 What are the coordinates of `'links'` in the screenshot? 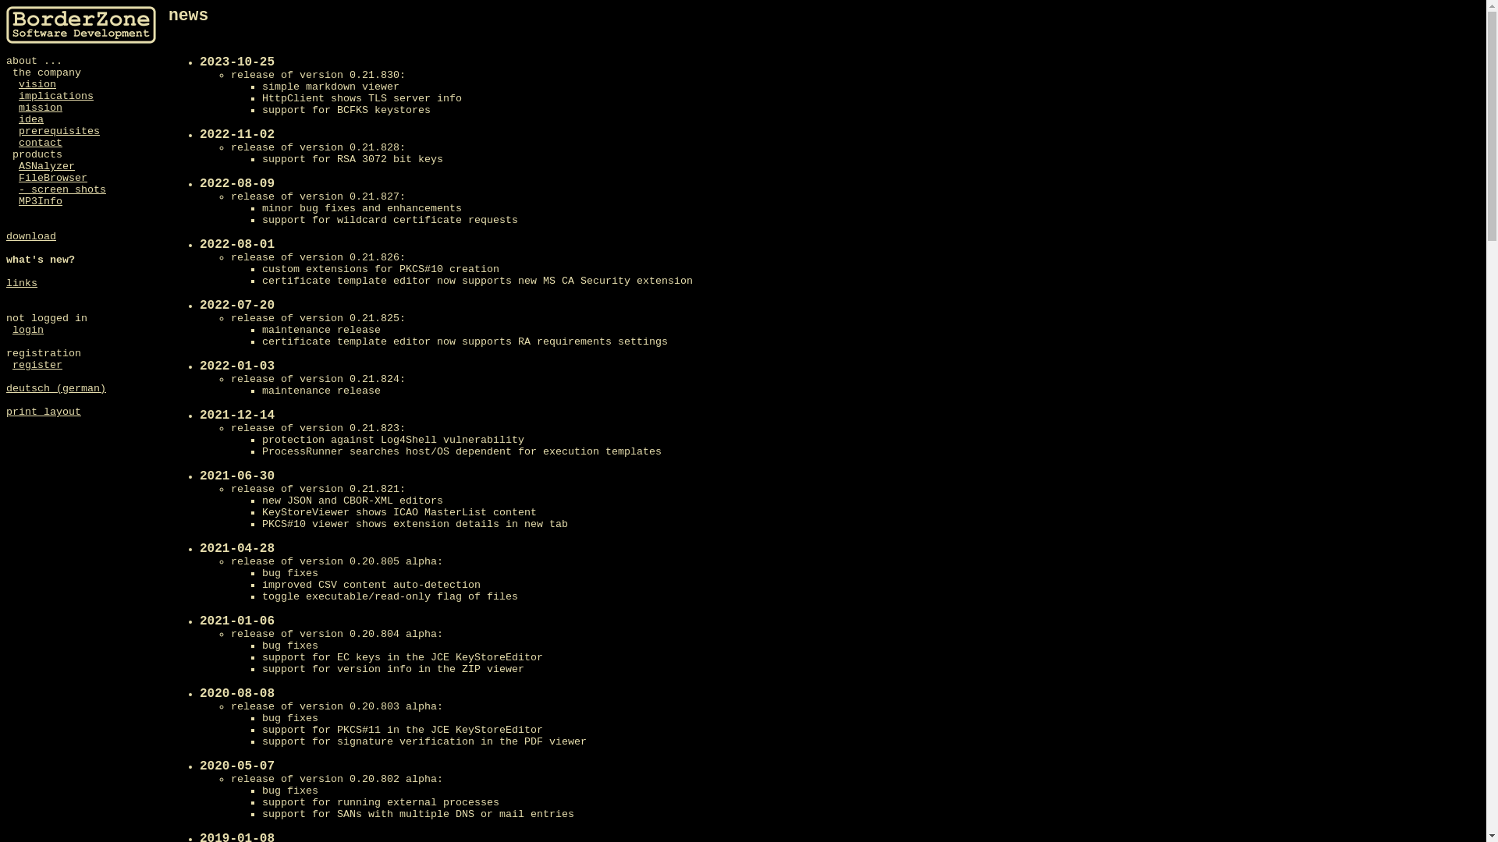 It's located at (6, 283).